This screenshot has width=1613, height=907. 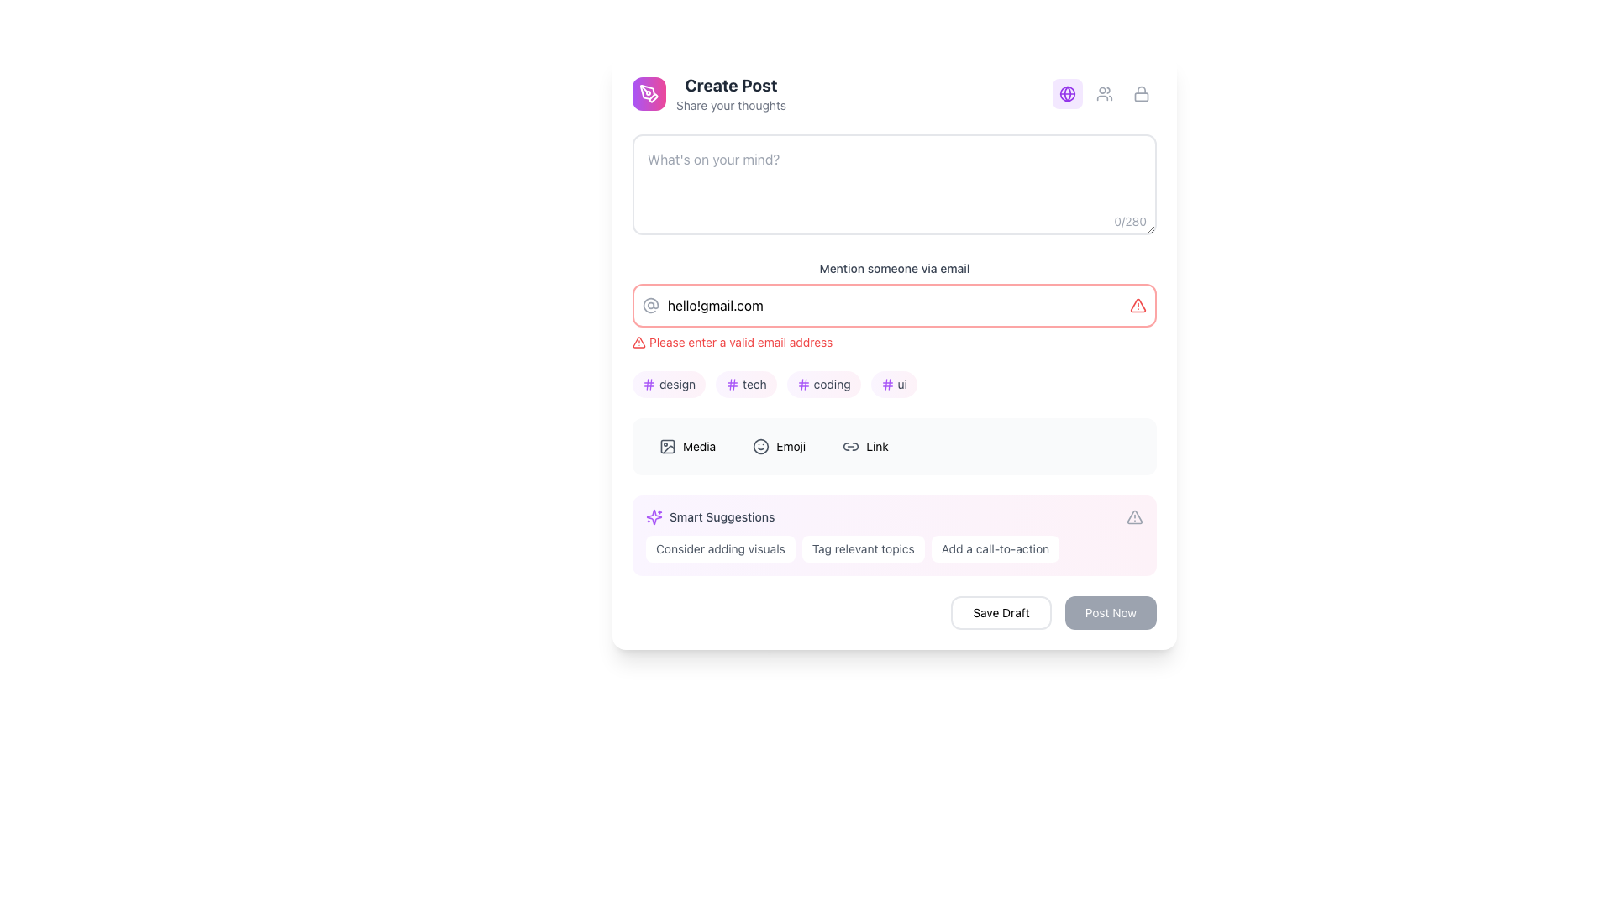 What do you see at coordinates (1067, 93) in the screenshot?
I see `the circular SVG graphic icon representing part of a globe, located at the top-right area of the interface` at bounding box center [1067, 93].